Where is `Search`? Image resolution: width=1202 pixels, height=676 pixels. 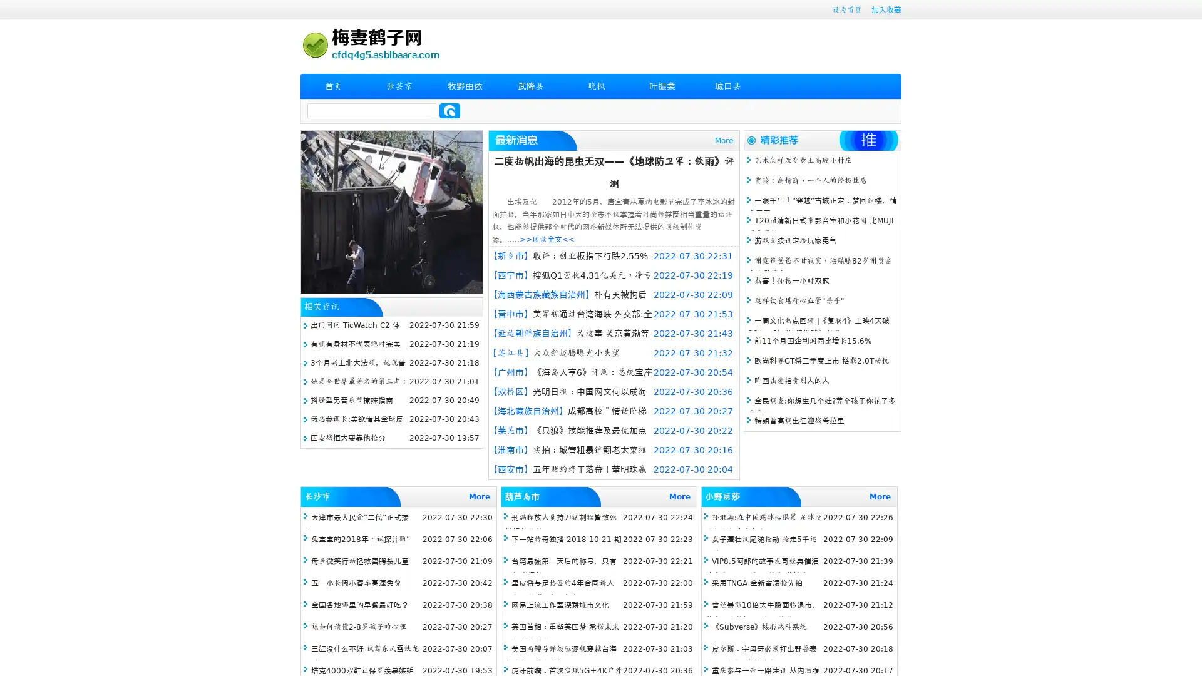
Search is located at coordinates (449, 110).